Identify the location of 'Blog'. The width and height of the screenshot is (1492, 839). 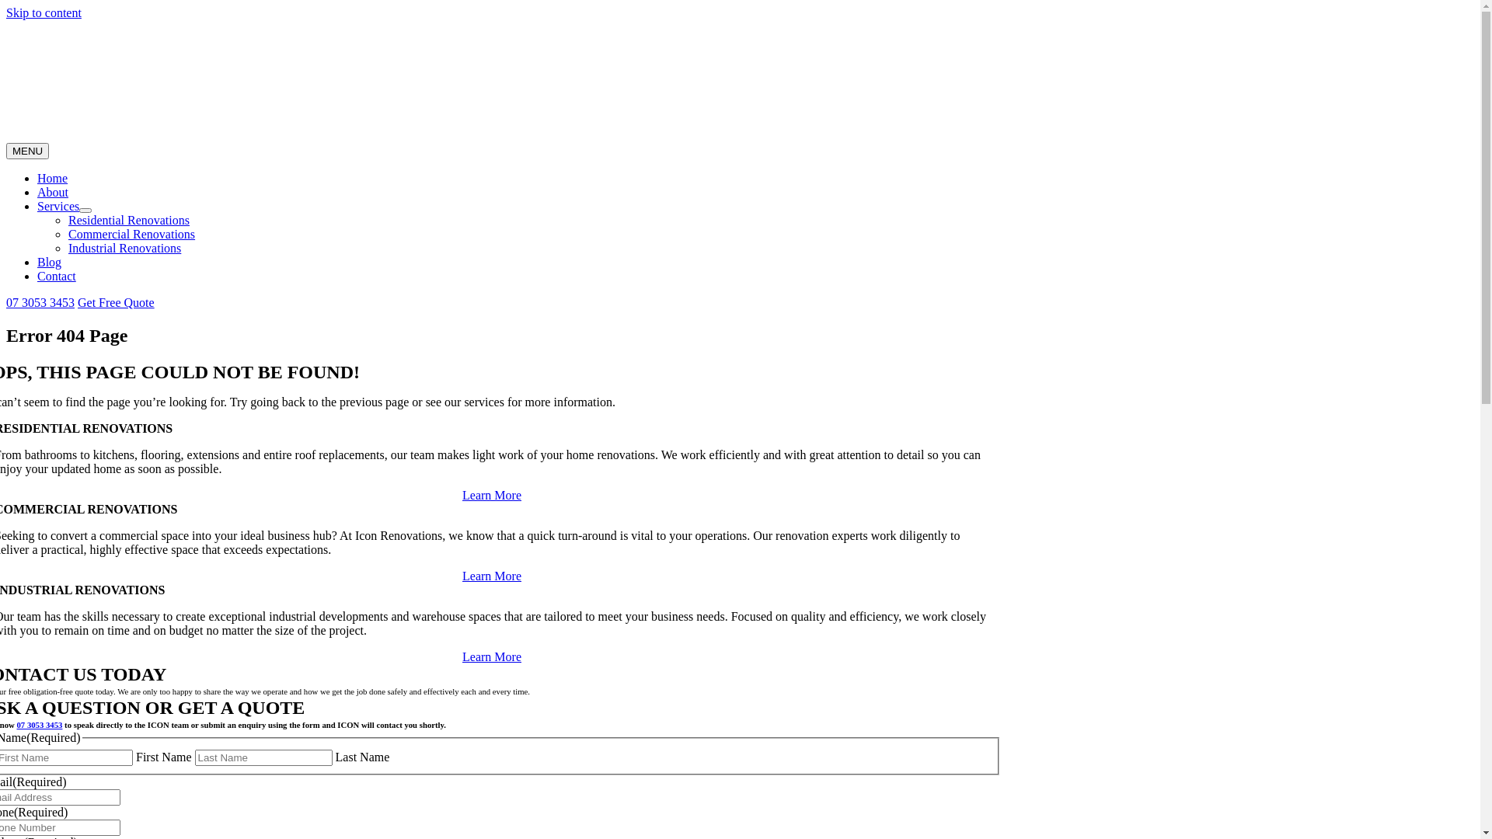
(49, 261).